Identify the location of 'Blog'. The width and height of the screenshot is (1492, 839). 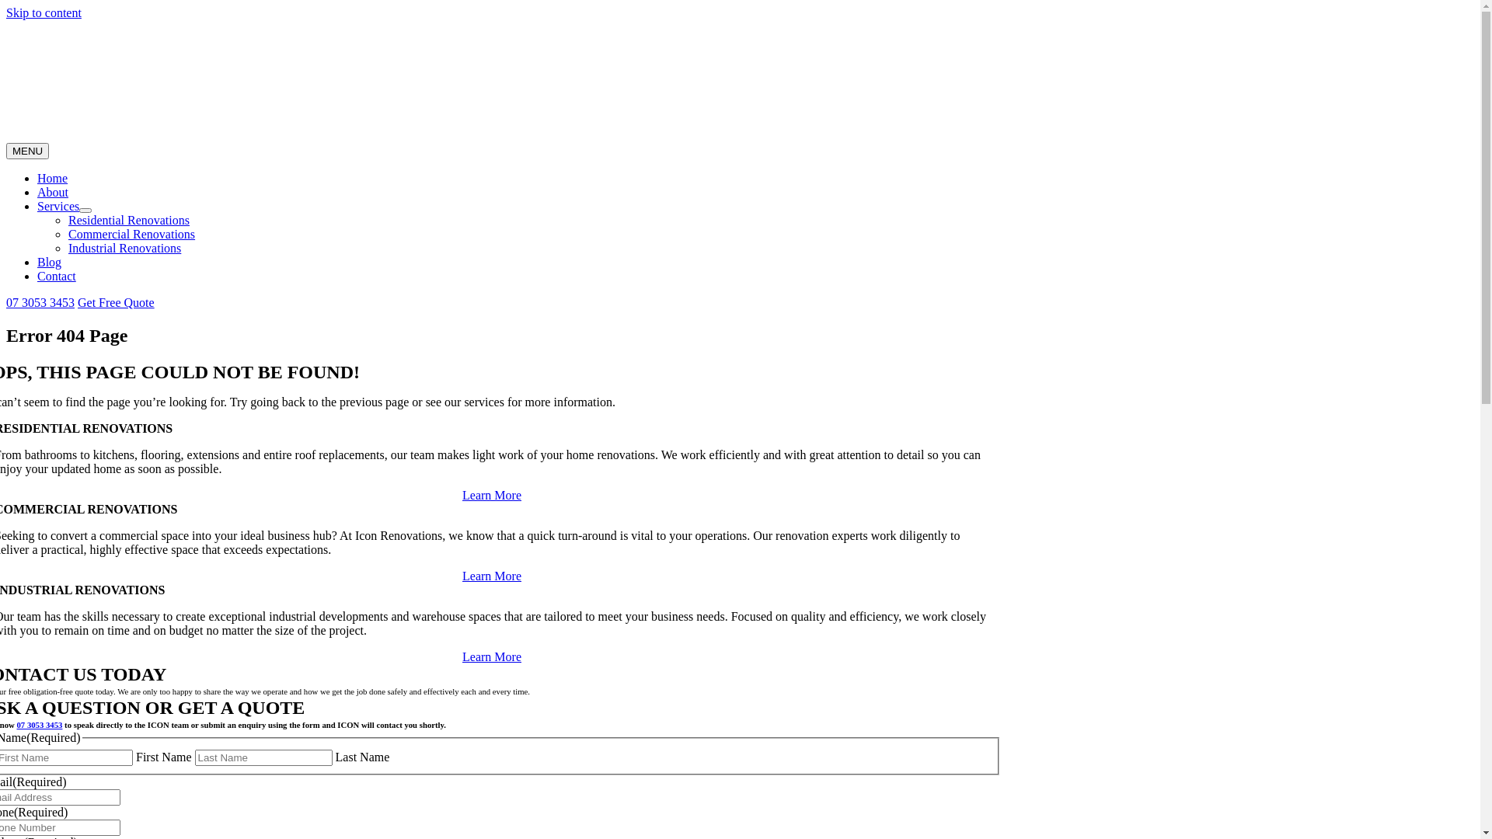
(49, 261).